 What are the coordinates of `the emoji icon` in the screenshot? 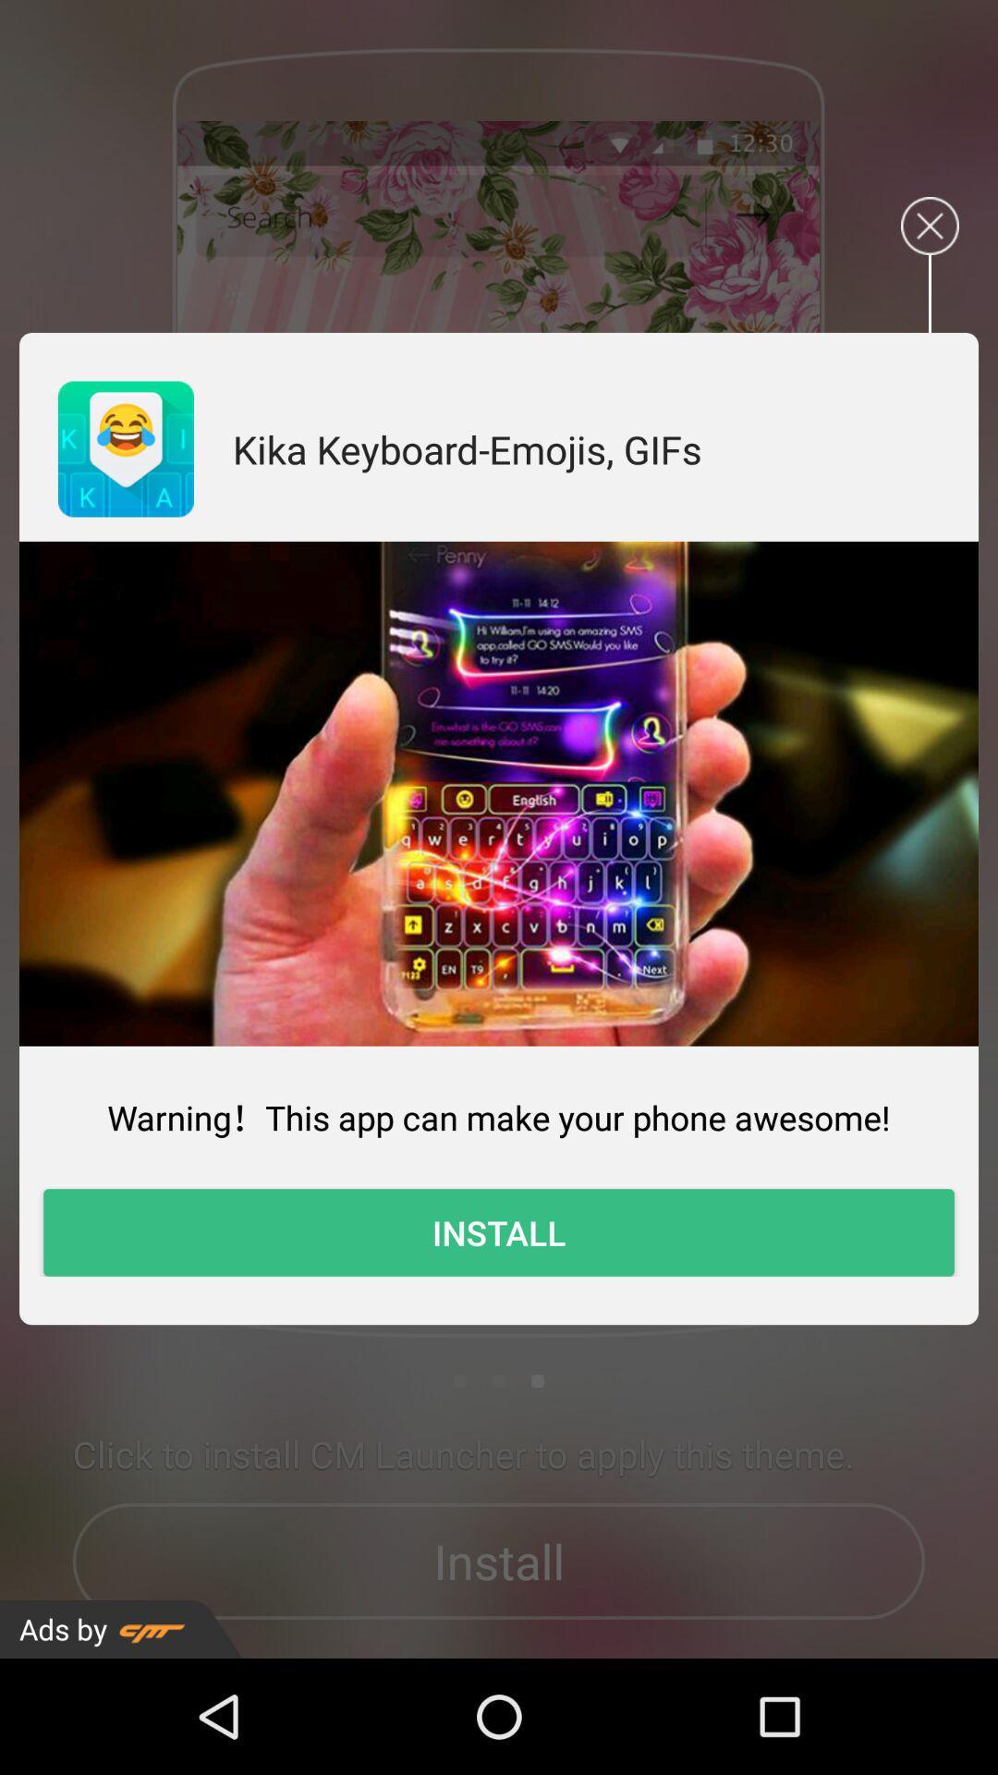 It's located at (125, 481).